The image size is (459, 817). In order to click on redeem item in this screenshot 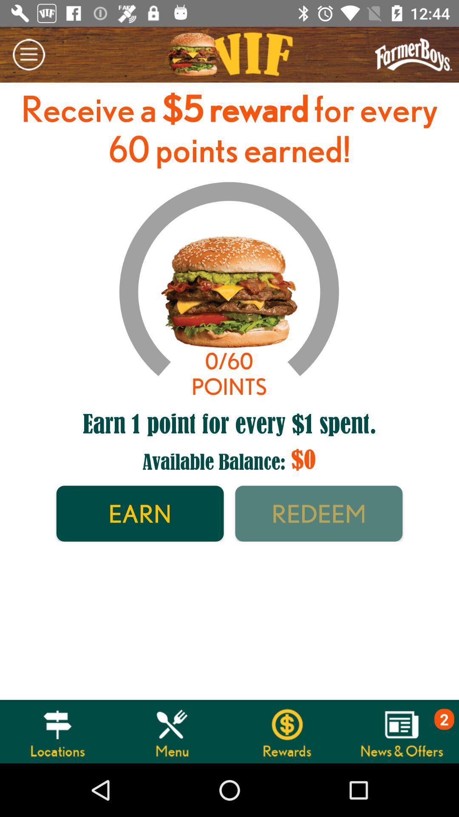, I will do `click(319, 513)`.